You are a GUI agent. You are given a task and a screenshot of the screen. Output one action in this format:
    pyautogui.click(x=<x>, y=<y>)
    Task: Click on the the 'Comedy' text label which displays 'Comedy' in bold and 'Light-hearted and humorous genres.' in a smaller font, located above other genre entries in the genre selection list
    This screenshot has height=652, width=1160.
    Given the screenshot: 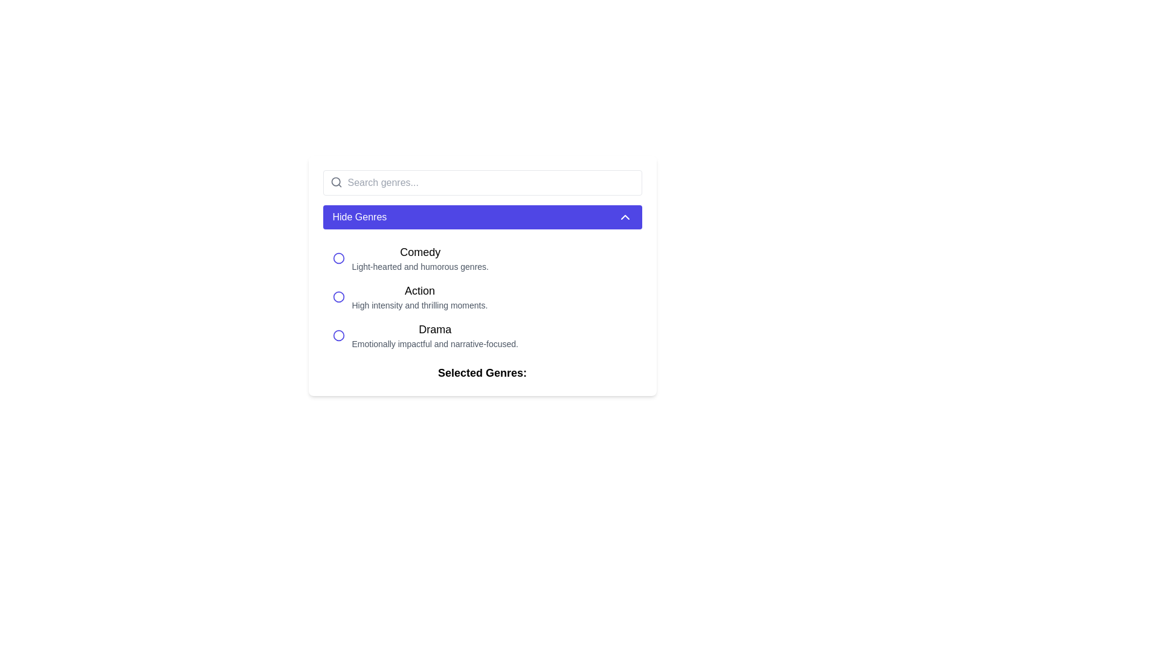 What is the action you would take?
    pyautogui.click(x=420, y=258)
    